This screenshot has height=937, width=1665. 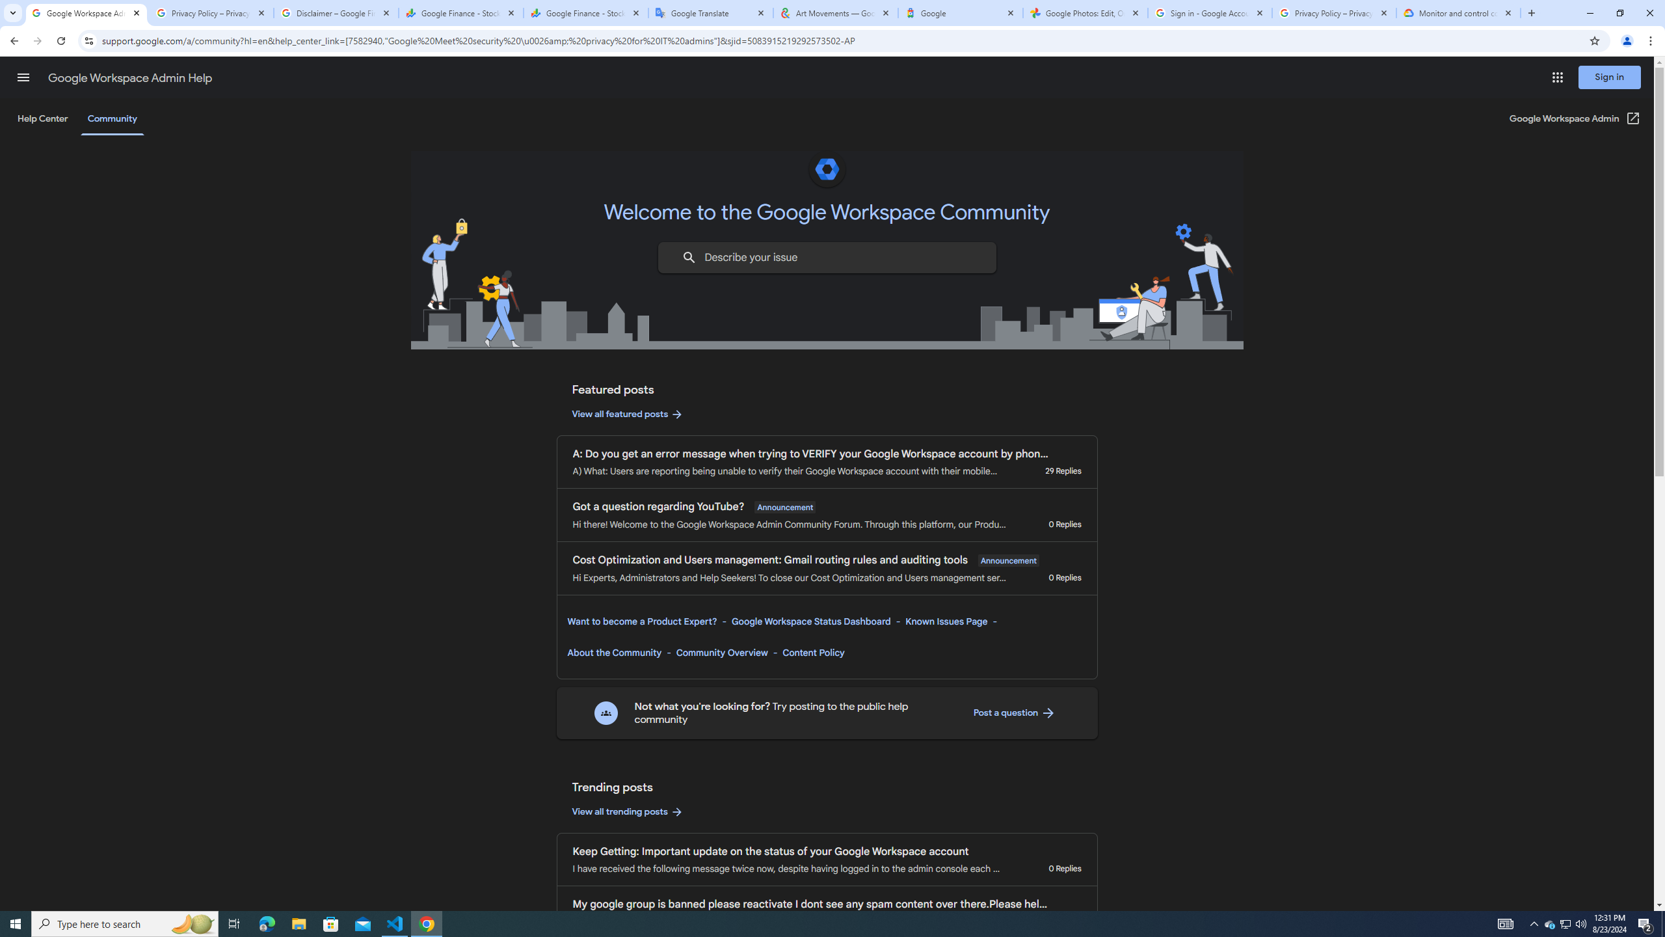 What do you see at coordinates (22, 77) in the screenshot?
I see `'Main menu'` at bounding box center [22, 77].